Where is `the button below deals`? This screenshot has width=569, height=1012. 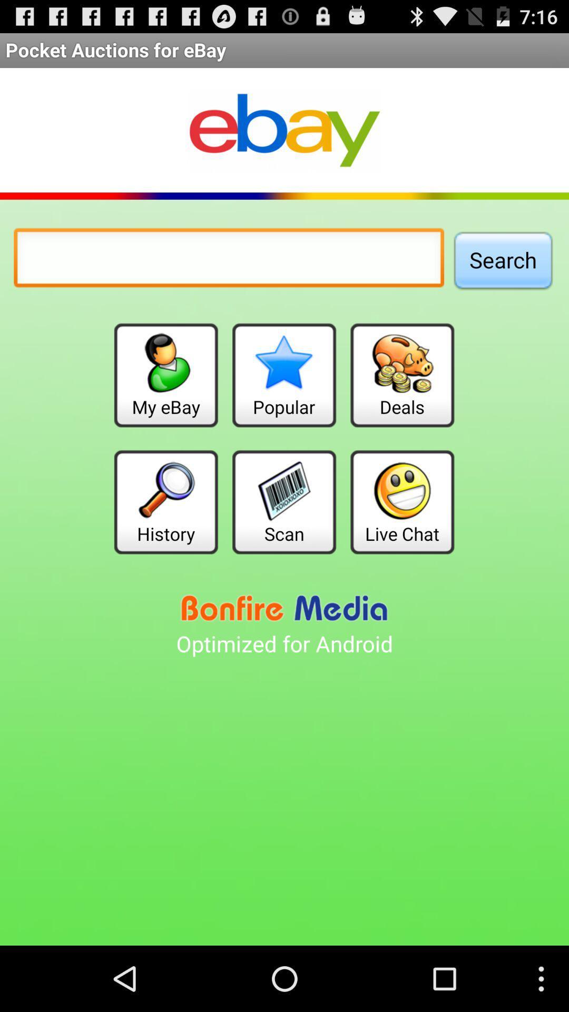
the button below deals is located at coordinates (402, 501).